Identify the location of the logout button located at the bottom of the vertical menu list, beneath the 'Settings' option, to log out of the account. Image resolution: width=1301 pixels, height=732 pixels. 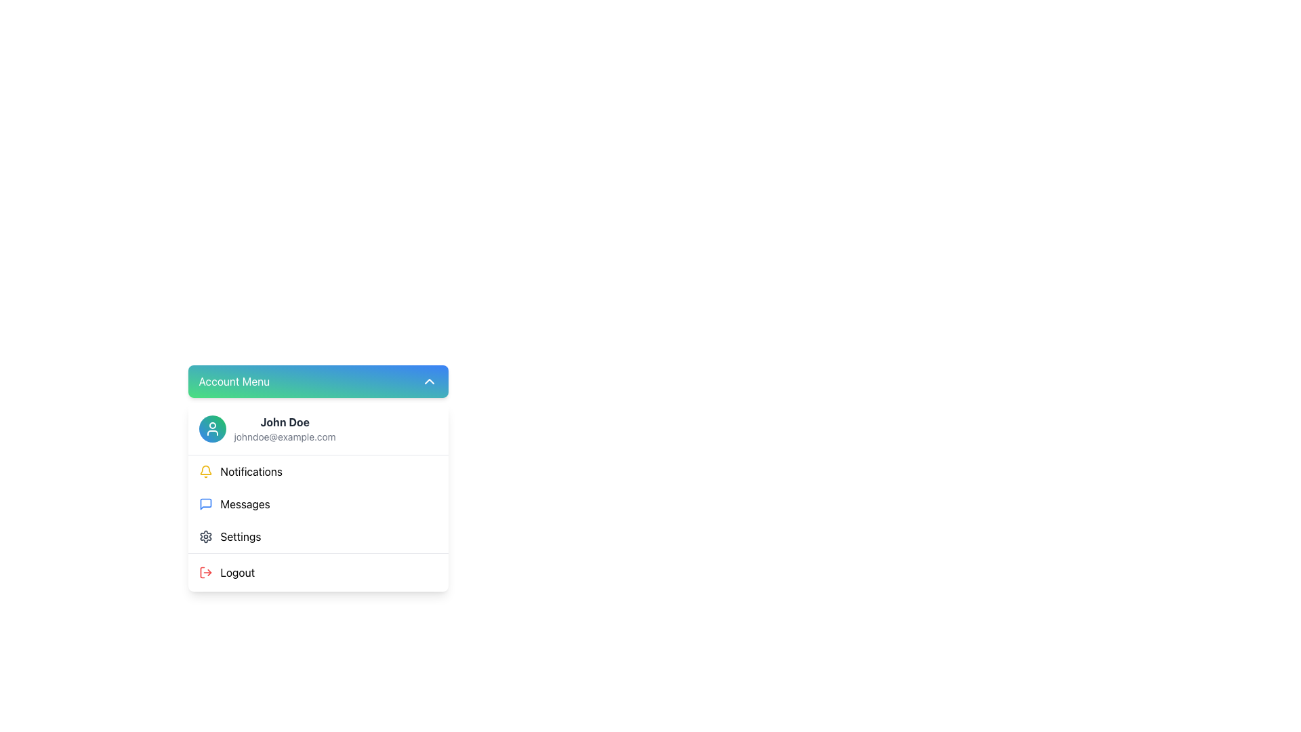
(317, 572).